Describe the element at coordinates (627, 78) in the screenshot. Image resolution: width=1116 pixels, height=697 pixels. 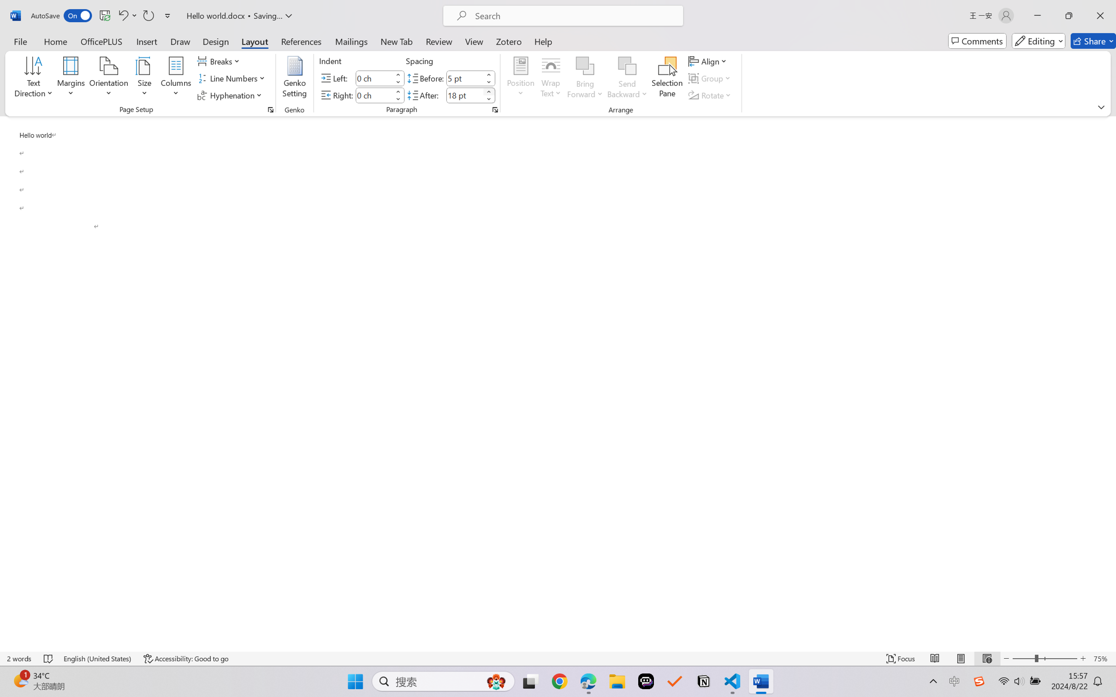
I see `'Send Backward'` at that location.